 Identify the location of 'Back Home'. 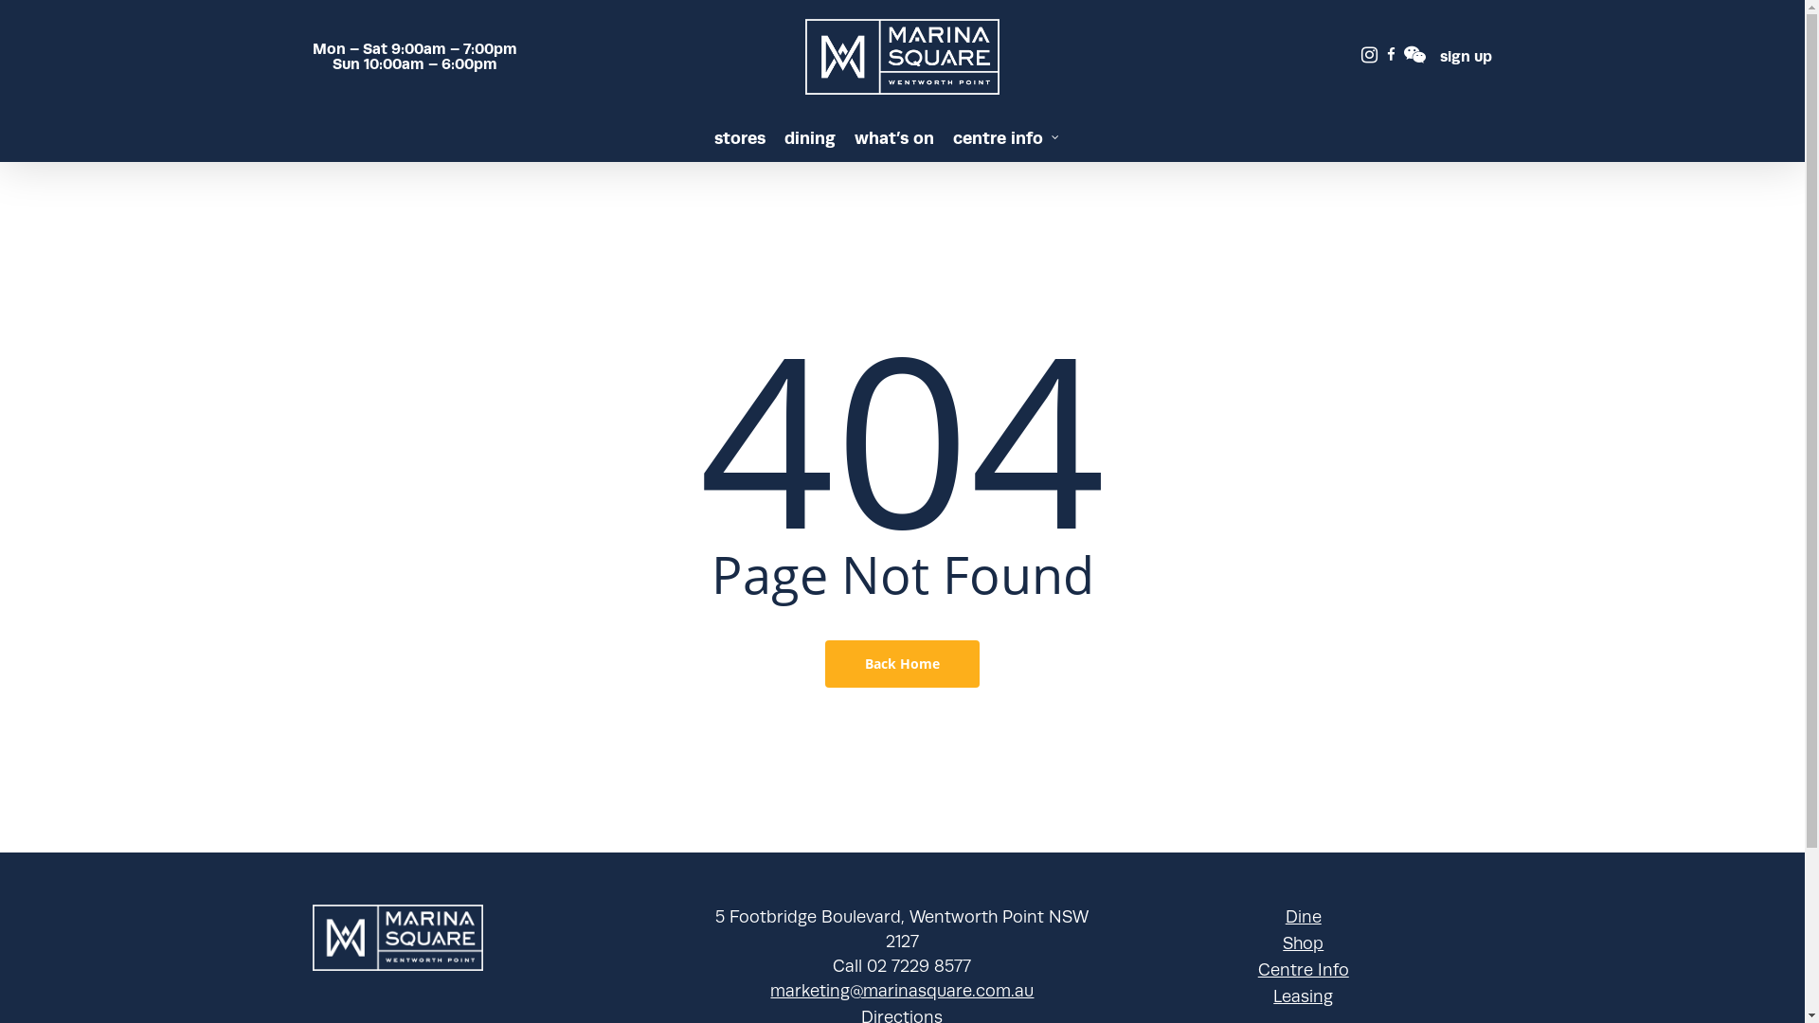
(901, 663).